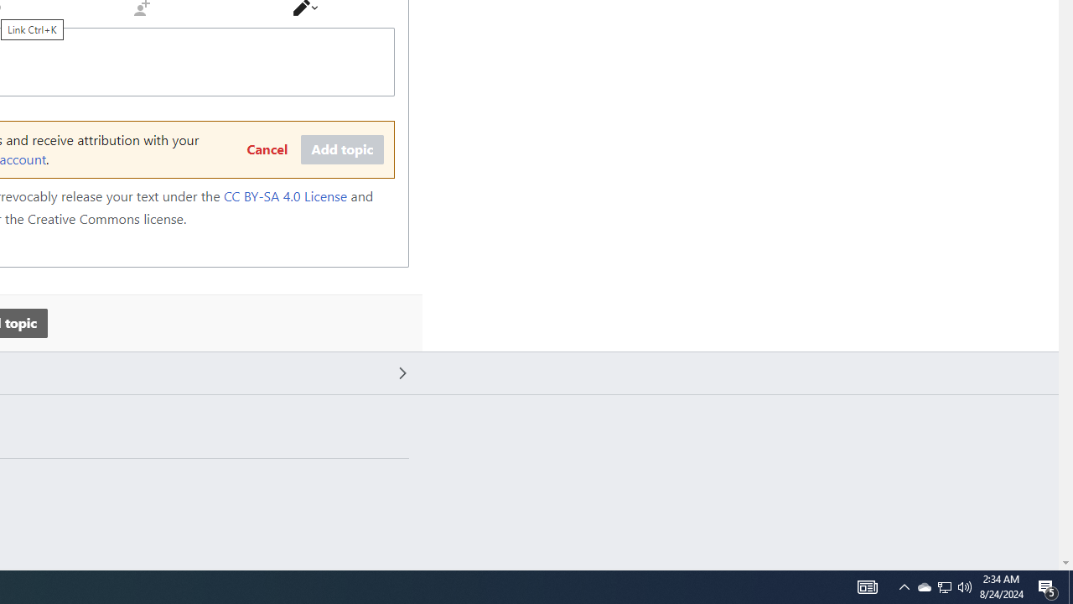  I want to click on 'CC BY-SA 4.0 License', so click(285, 195).